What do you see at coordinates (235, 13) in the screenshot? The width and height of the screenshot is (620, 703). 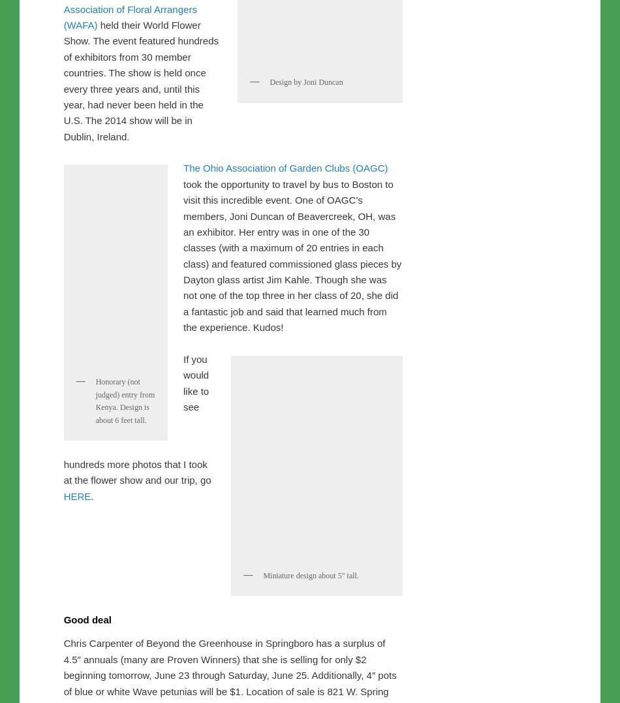 I see `'gardening'` at bounding box center [235, 13].